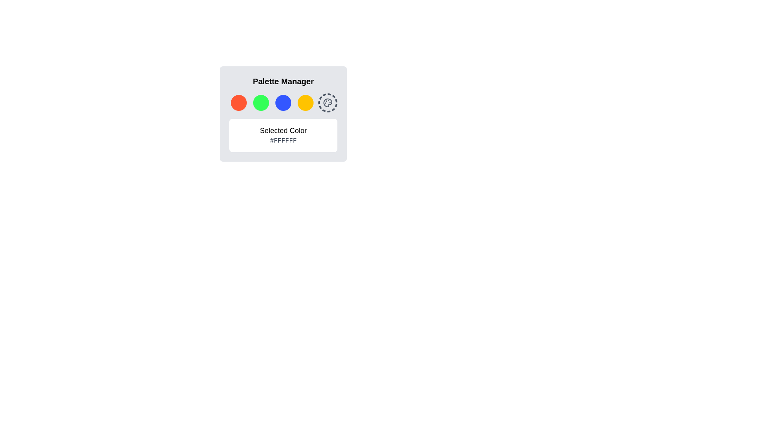  What do you see at coordinates (238, 102) in the screenshot?
I see `the first circular button in the 'Palette Manager'` at bounding box center [238, 102].